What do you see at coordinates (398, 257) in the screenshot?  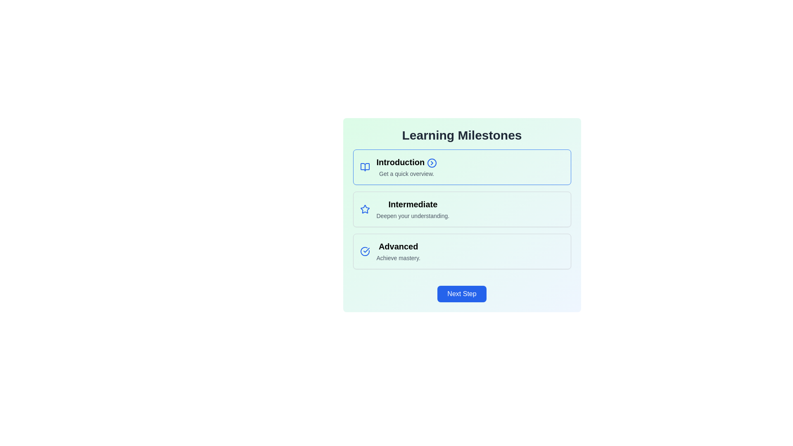 I see `the text label reading 'Achieve mastery.' which is positioned below the title 'Advanced' in the third milestone section of the vertical milestone list` at bounding box center [398, 257].